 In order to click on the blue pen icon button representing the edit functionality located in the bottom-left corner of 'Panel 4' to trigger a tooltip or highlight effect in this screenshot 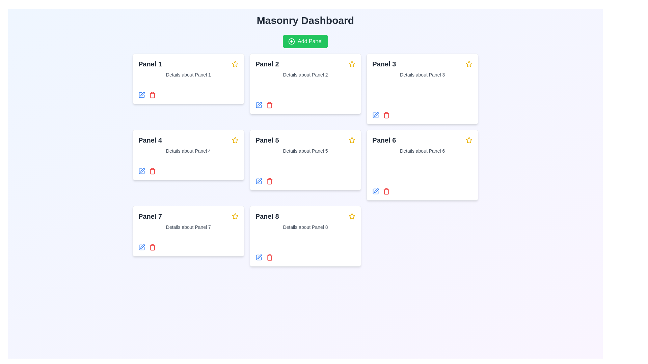, I will do `click(142, 170)`.